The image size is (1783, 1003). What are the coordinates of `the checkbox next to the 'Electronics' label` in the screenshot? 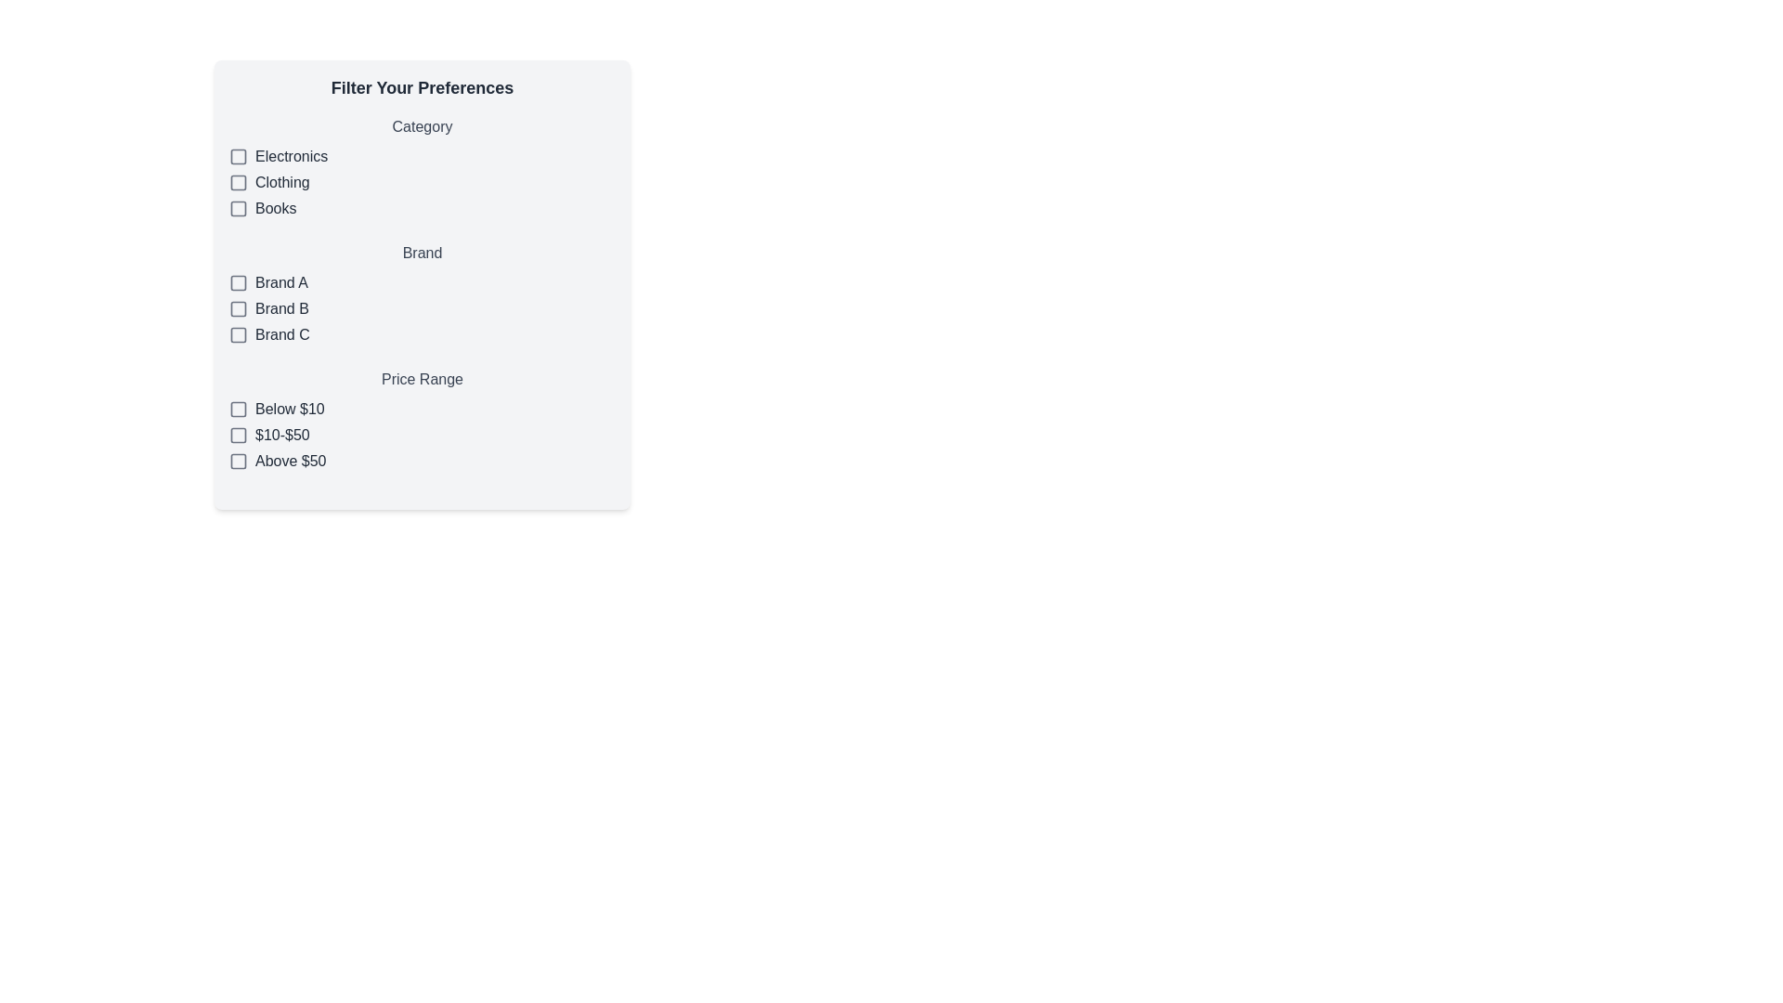 It's located at (238, 156).